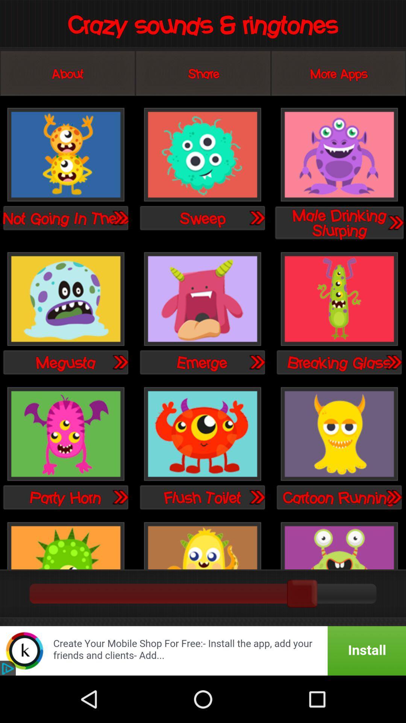 The image size is (406, 723). Describe the element at coordinates (202, 155) in the screenshot. I see `sweep sound` at that location.